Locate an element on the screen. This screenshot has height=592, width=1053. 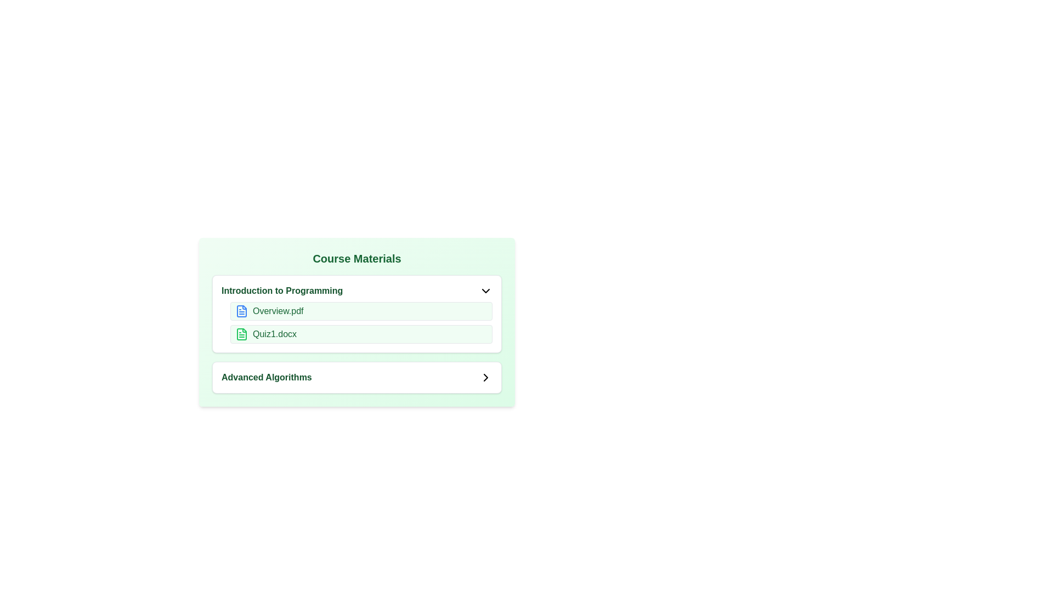
the item 'Overview.pdf' to view detailed information is located at coordinates (241, 311).